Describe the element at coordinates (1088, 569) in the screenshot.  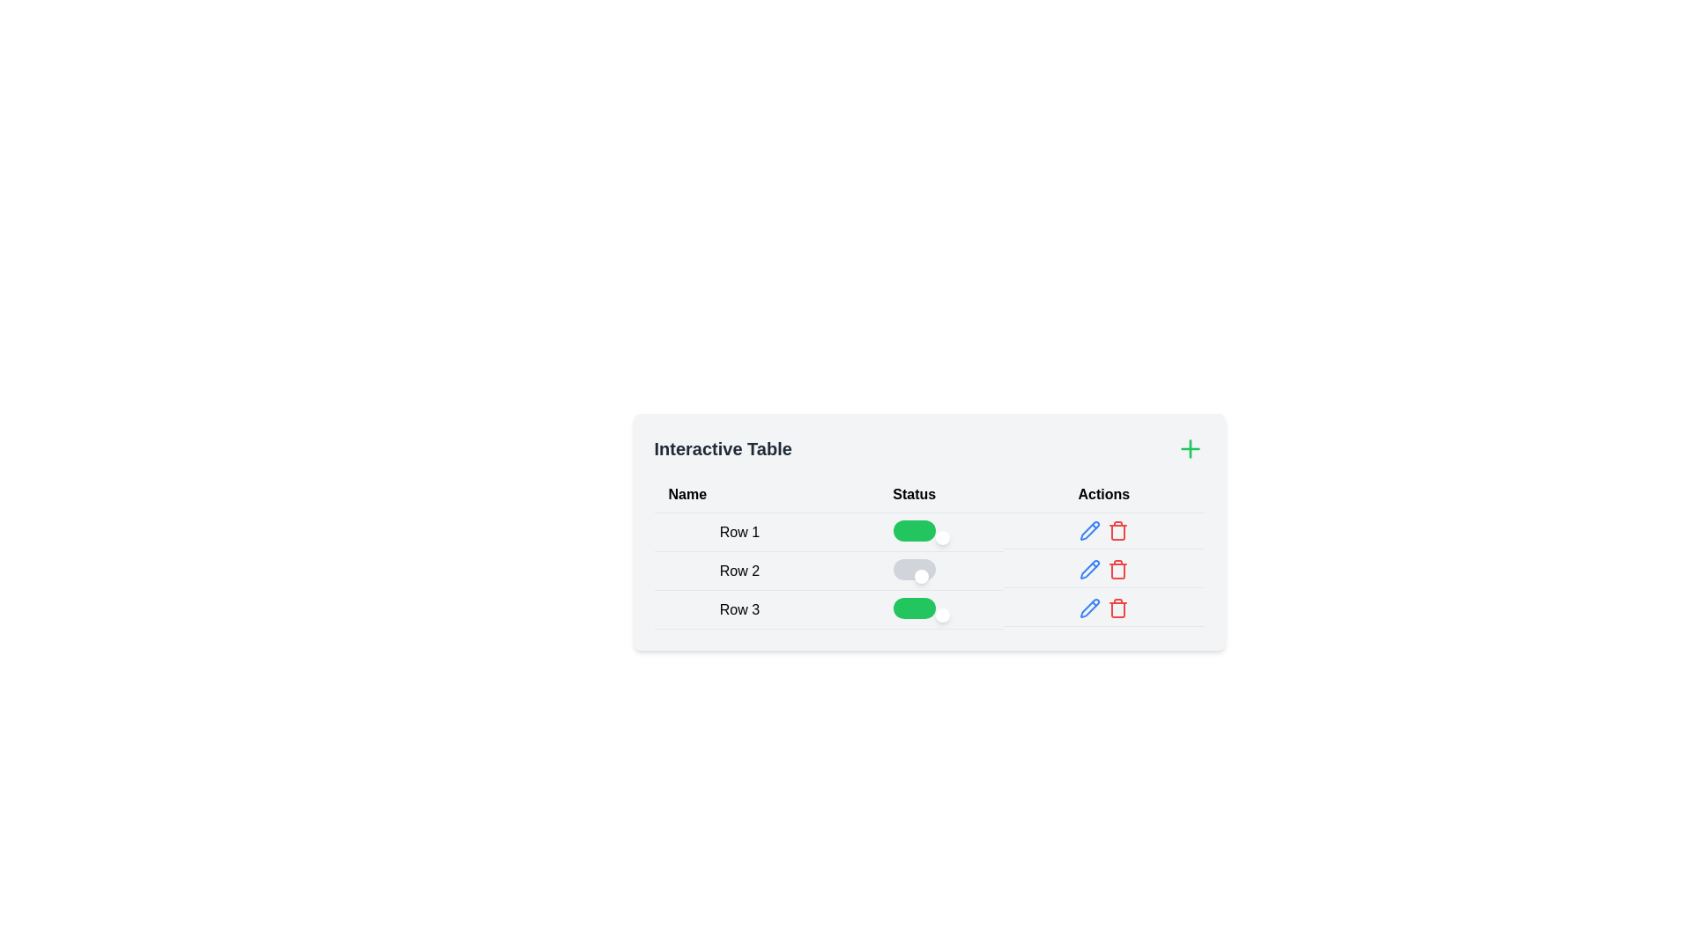
I see `the pencil icon located in the 'Actions' column of the table to initiate an edit operation for the corresponding row` at that location.